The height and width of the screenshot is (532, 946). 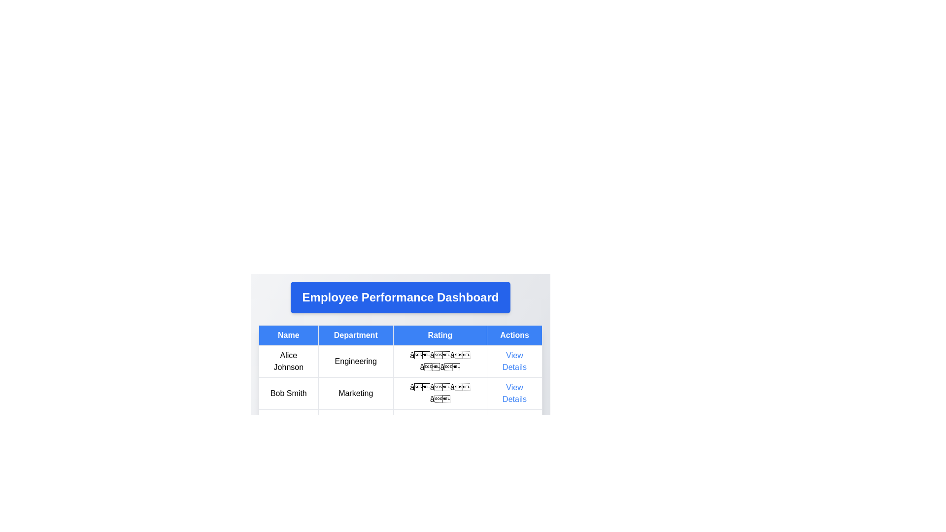 What do you see at coordinates (439, 335) in the screenshot?
I see `the table header cell labeled 'Rating', which is styled with a blue background and white bold text, positioned between the 'Department' and 'Actions' columns` at bounding box center [439, 335].